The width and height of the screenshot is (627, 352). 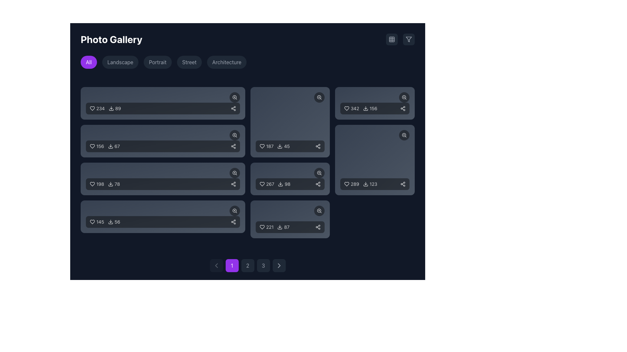 What do you see at coordinates (287, 184) in the screenshot?
I see `the Text label displaying a numeric value indicating a count, located in the bottom-right corner of a grid-style card, next to a download icon` at bounding box center [287, 184].